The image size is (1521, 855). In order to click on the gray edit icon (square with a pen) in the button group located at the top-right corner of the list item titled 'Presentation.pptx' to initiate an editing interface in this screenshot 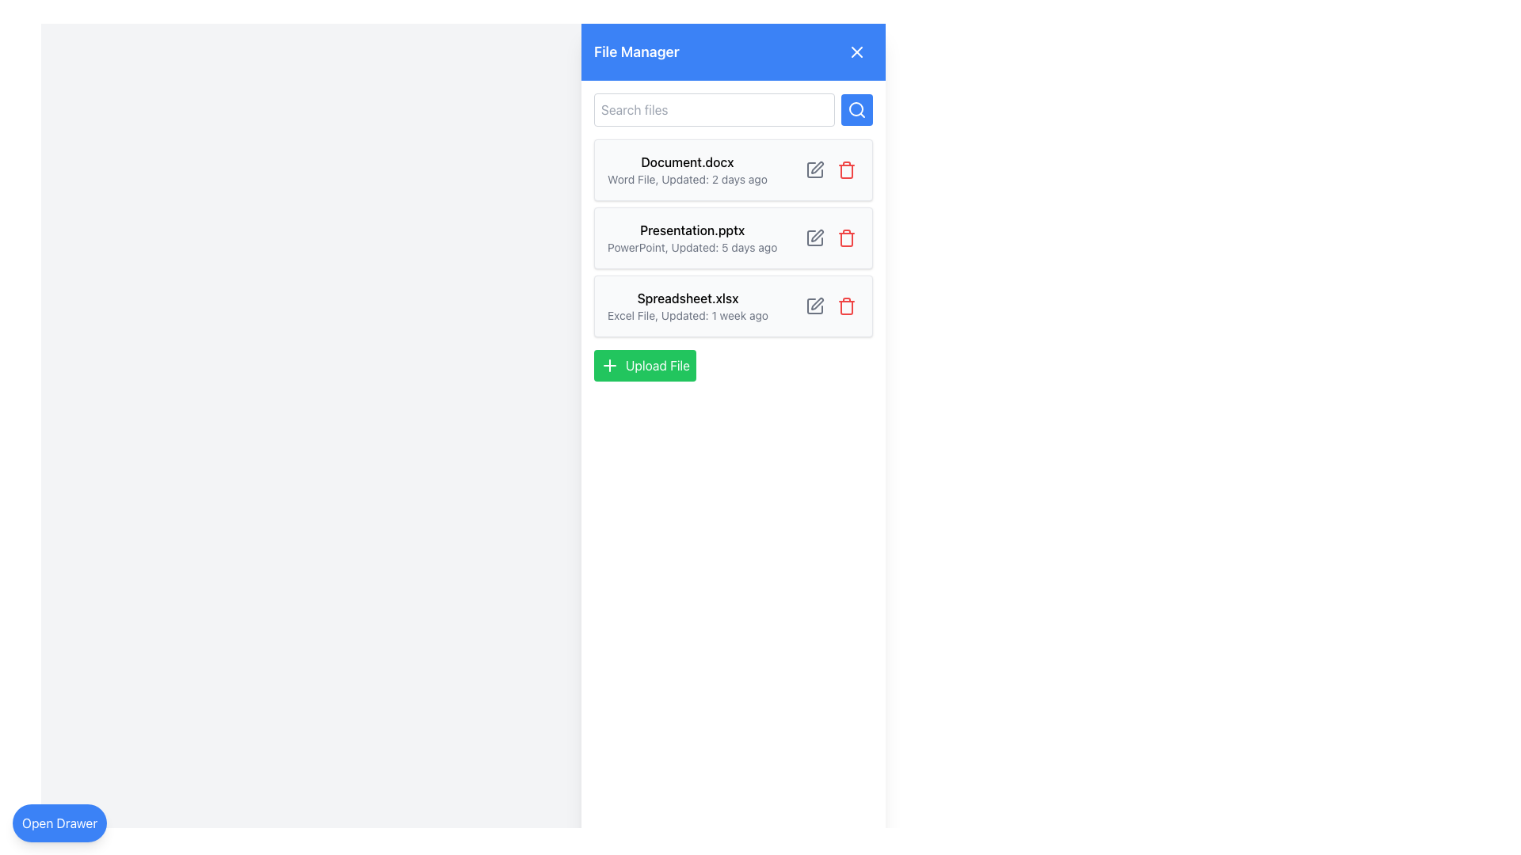, I will do `click(830, 237)`.